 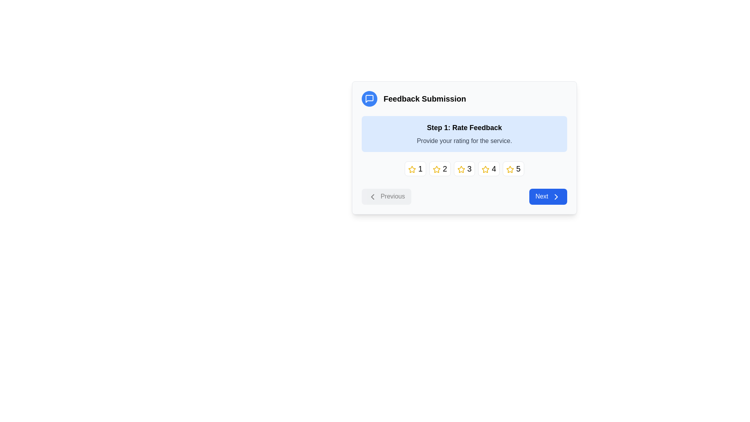 I want to click on the rightmost rating star icon, which represents the highest rating of 5 in the feedback rating system, so click(x=510, y=169).